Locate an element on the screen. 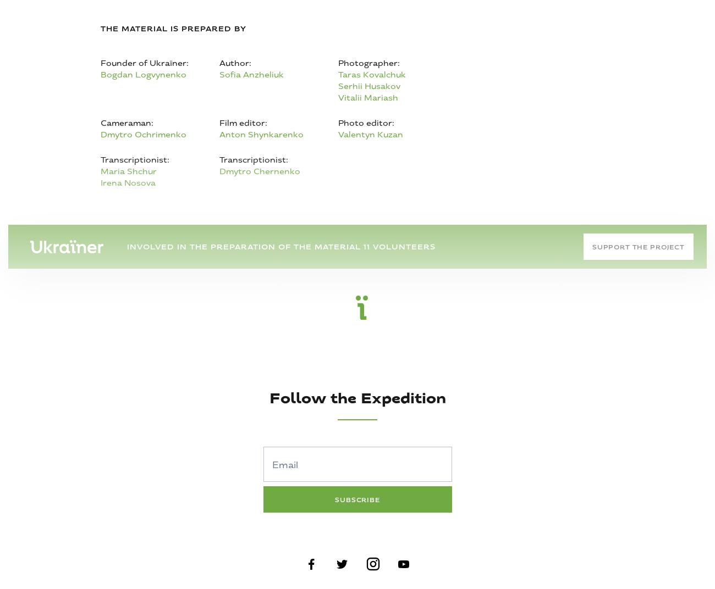  'Irena Nosova' is located at coordinates (127, 182).